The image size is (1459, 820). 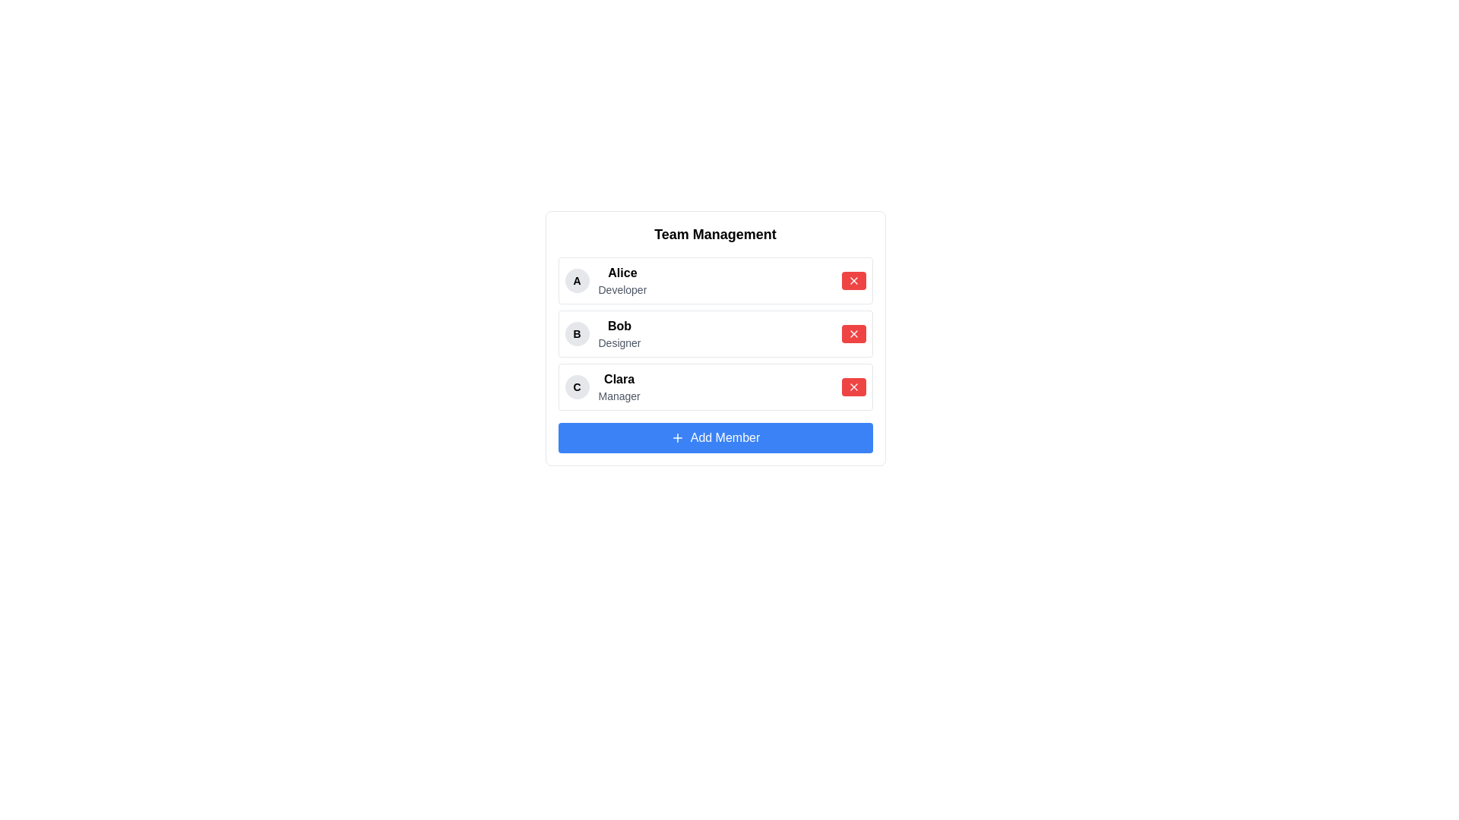 What do you see at coordinates (853, 333) in the screenshot?
I see `the red delete button with an 'X' icon corresponding to the user 'Bob Designer' in the list view` at bounding box center [853, 333].